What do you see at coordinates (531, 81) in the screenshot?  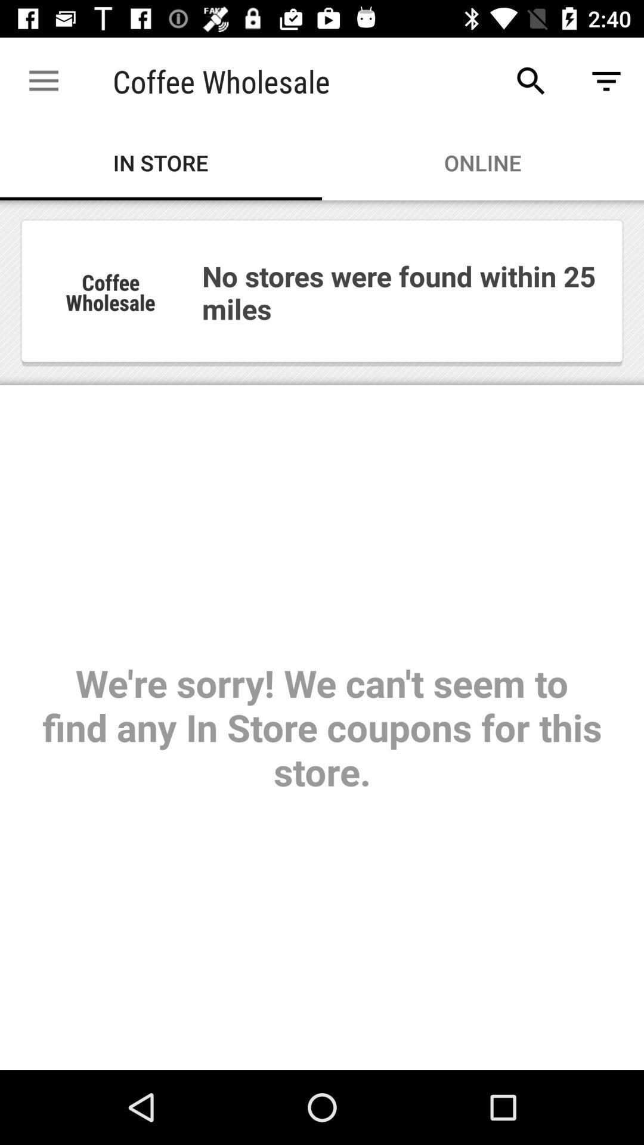 I see `item to the right of coffee wholesale app` at bounding box center [531, 81].